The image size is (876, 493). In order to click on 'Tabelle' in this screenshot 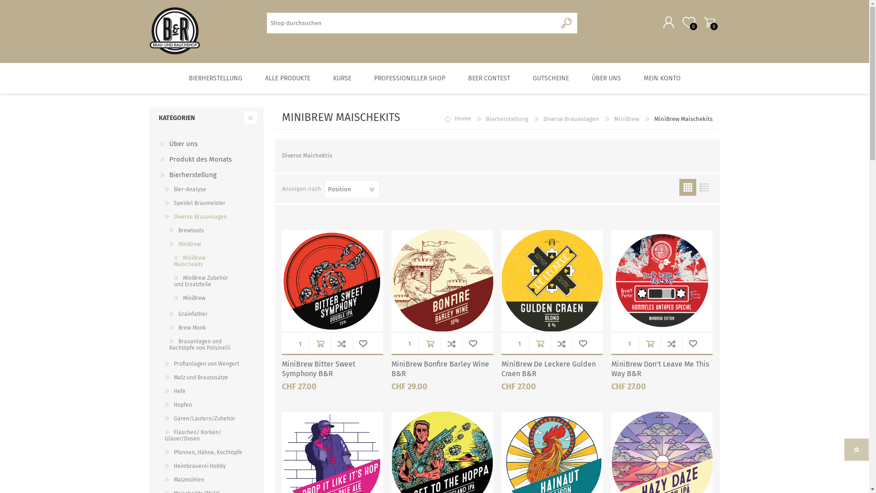, I will do `click(687, 187)`.